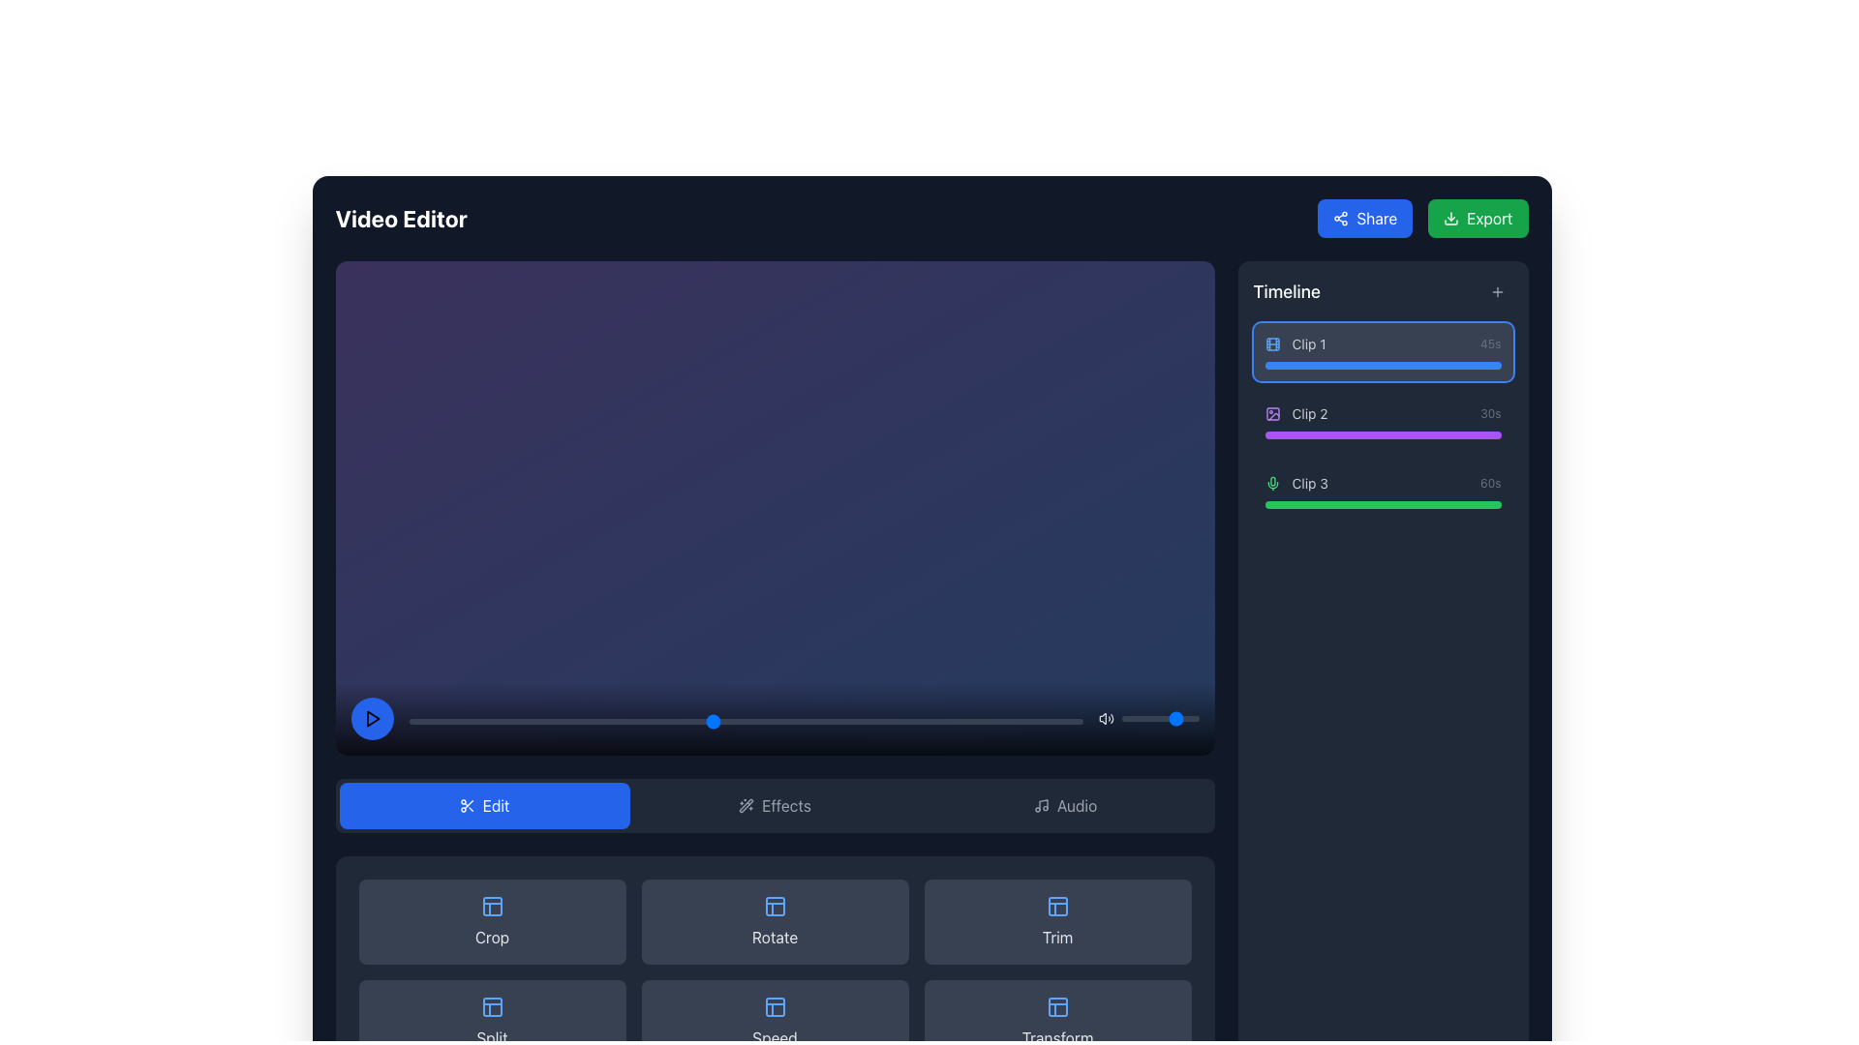 This screenshot has height=1045, width=1859. What do you see at coordinates (775, 507) in the screenshot?
I see `the playback controls of the video player area, which is characterized by a gradient background and includes a play button, timeline scrubber, and volume adjustment elements` at bounding box center [775, 507].